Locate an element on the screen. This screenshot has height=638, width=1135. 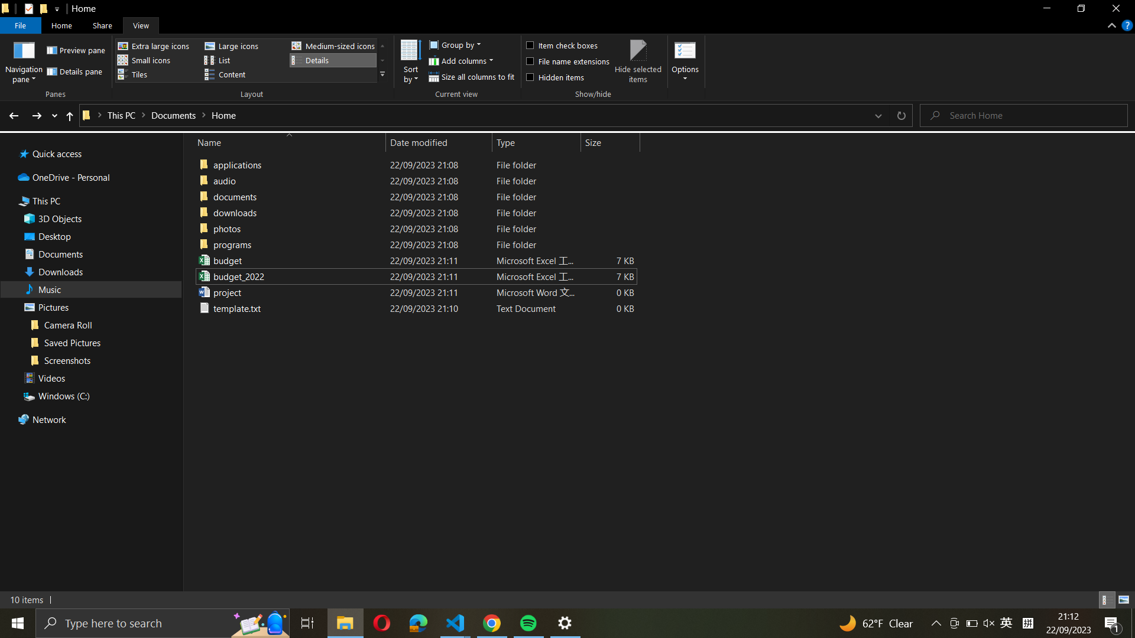
Organize the files in "documents" folder based on their names is located at coordinates (414, 211).